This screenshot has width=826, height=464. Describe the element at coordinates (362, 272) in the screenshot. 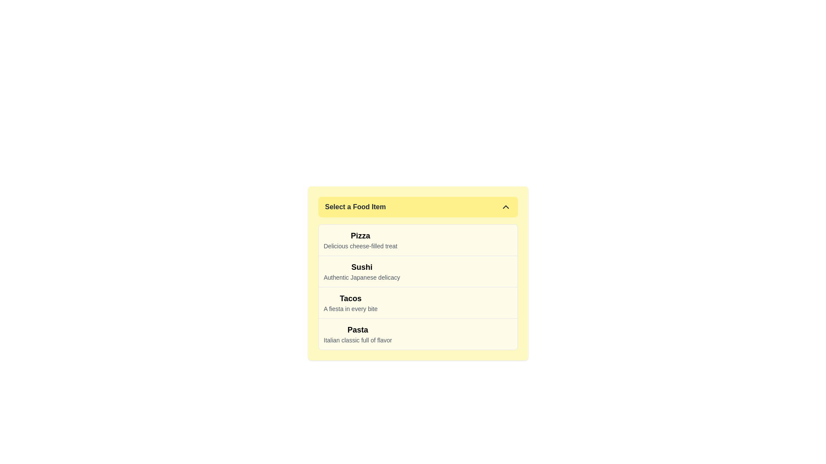

I see `the 'Sushi' text element, which is the second selectable item in the 'Select a Food Item' dropdown menu` at that location.